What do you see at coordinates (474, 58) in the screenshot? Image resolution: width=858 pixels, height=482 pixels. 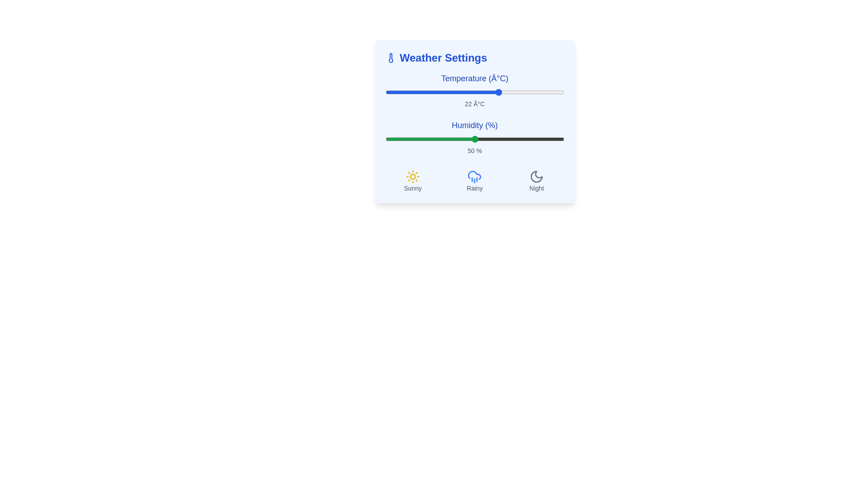 I see `the 'Weather Settings' heading element which is styled in bold blue font and accompanied by a thermometer icon` at bounding box center [474, 58].